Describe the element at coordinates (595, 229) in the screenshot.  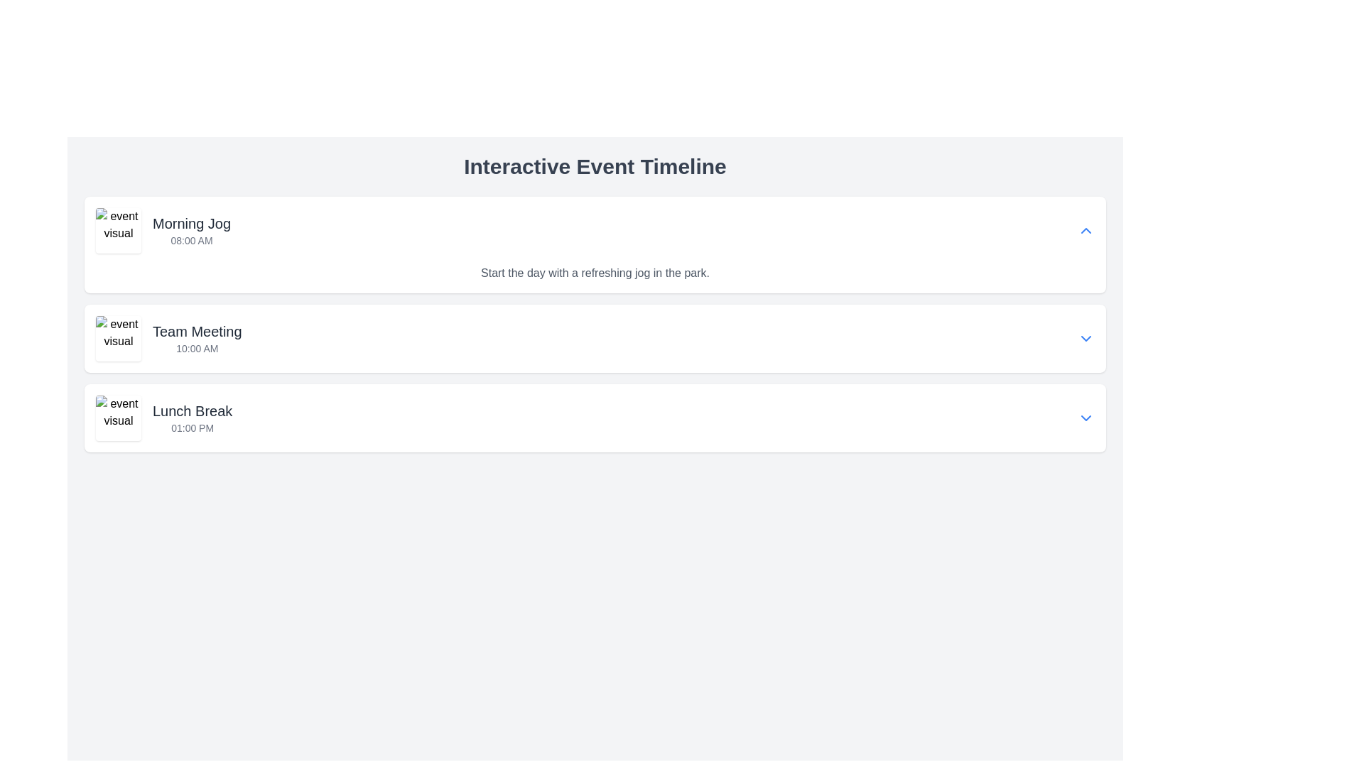
I see `the first horizontal list item labeled 'Morning Jog'` at that location.